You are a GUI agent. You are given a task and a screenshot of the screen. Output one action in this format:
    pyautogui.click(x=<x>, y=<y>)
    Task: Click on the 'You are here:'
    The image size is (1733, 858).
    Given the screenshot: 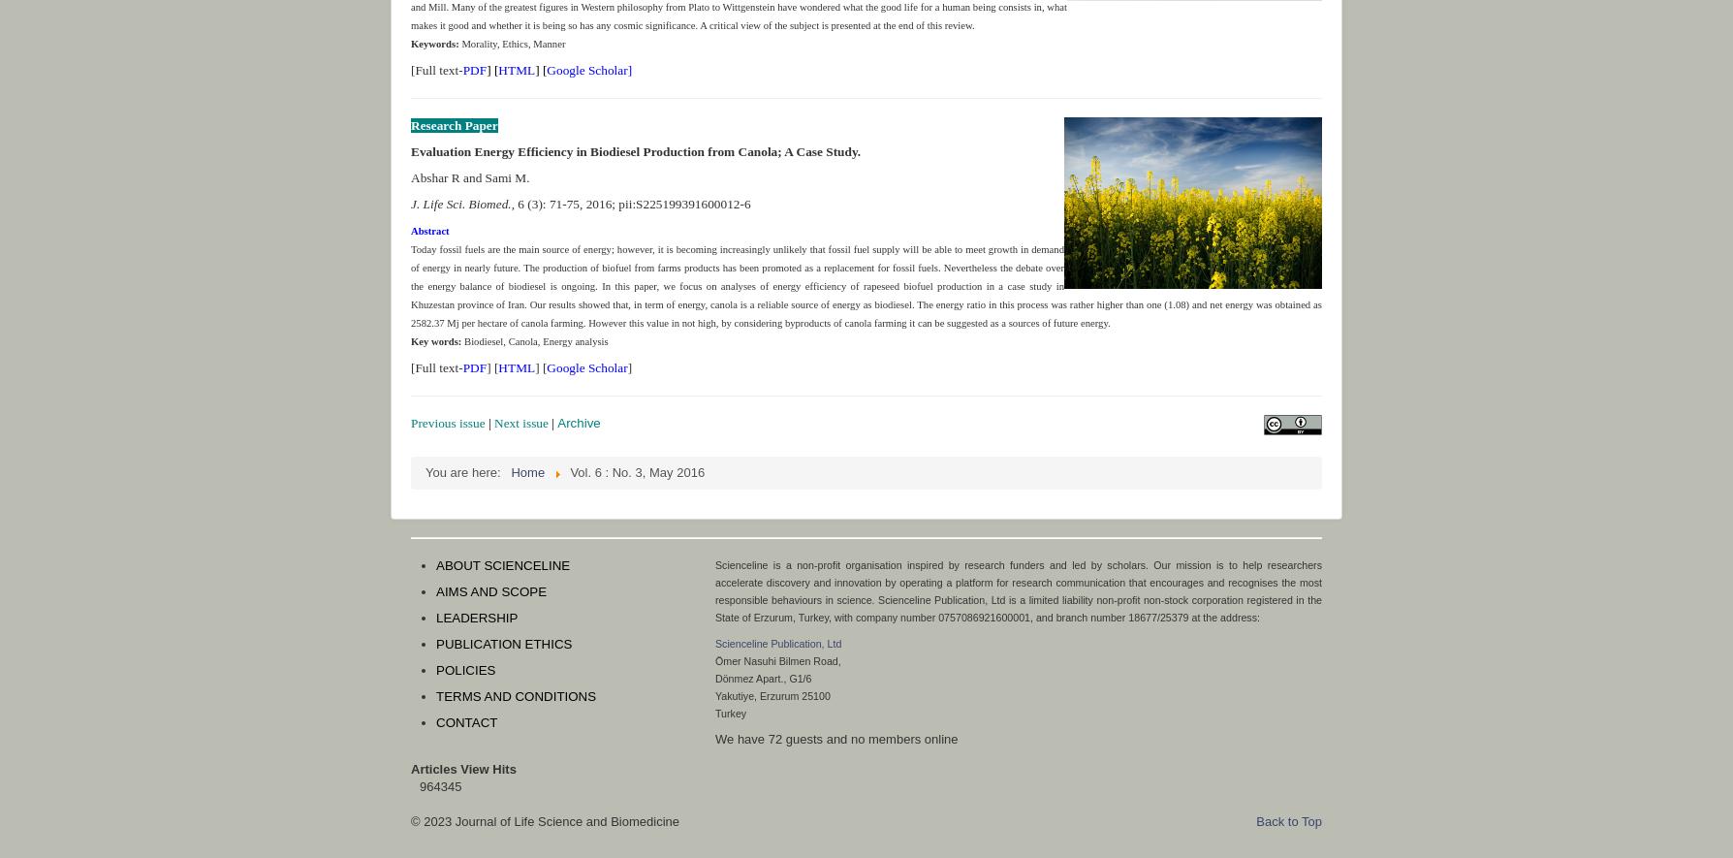 What is the action you would take?
    pyautogui.click(x=465, y=472)
    